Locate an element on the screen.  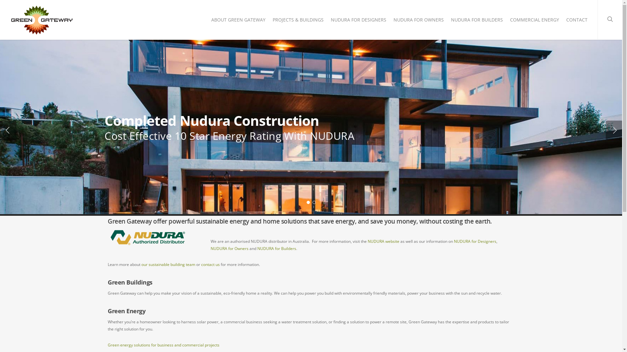
'NUDURA for Builders' is located at coordinates (277, 248).